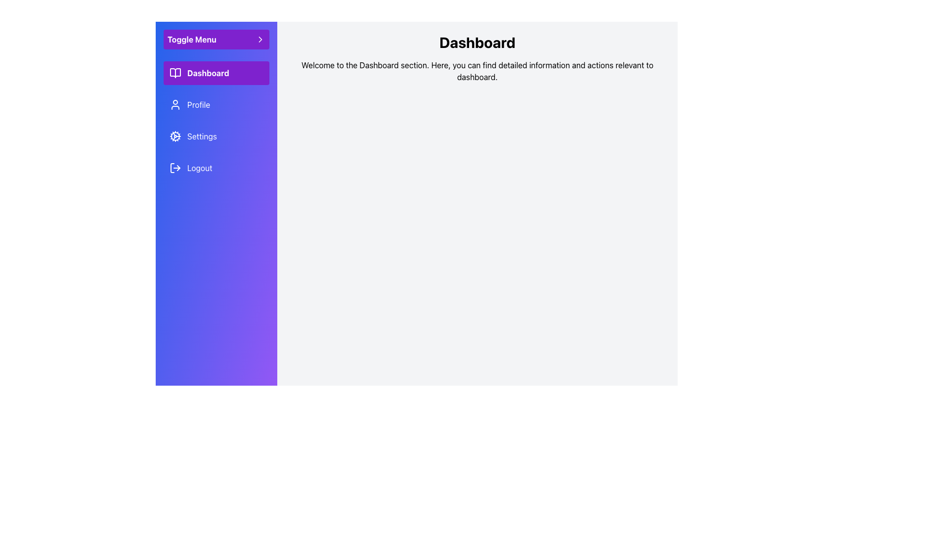  What do you see at coordinates (260, 39) in the screenshot?
I see `the chevron icon that indicates expandable or collapsible content associated with the 'Toggle Menu' button` at bounding box center [260, 39].